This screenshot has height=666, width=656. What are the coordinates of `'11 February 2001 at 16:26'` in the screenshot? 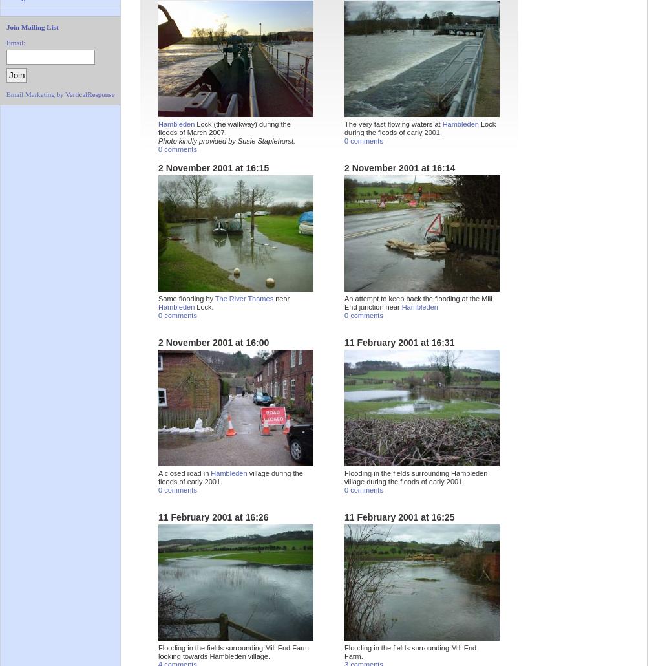 It's located at (212, 517).